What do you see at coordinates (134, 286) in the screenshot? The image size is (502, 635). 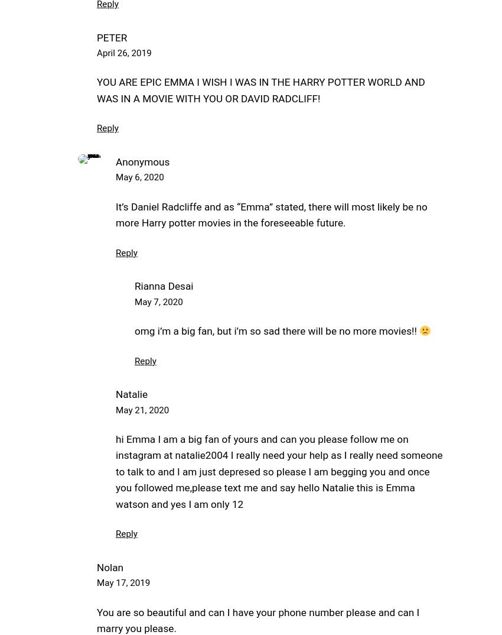 I see `'Rianna Desai'` at bounding box center [134, 286].